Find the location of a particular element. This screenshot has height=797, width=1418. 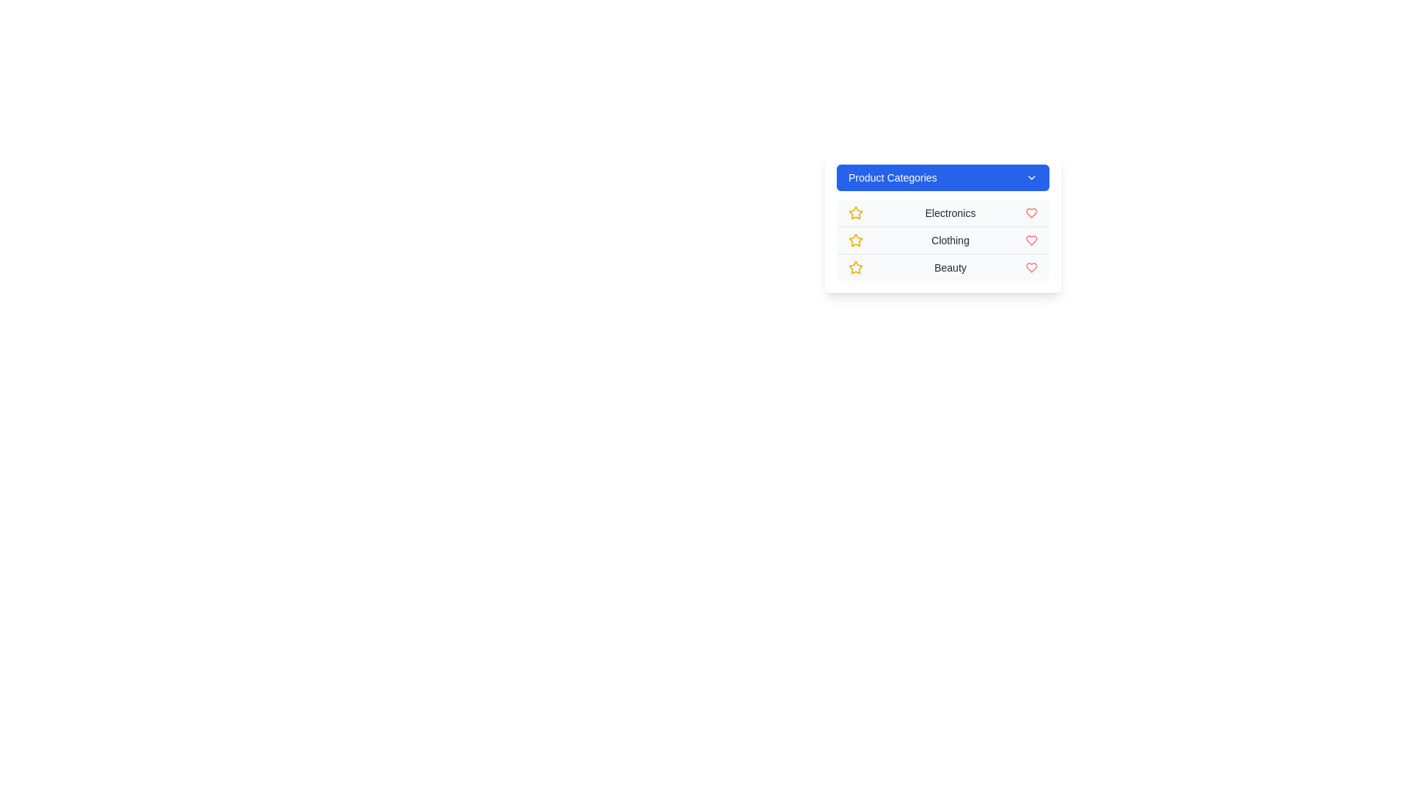

the 'Product Categories' button to toggle the menu visibility is located at coordinates (942, 176).